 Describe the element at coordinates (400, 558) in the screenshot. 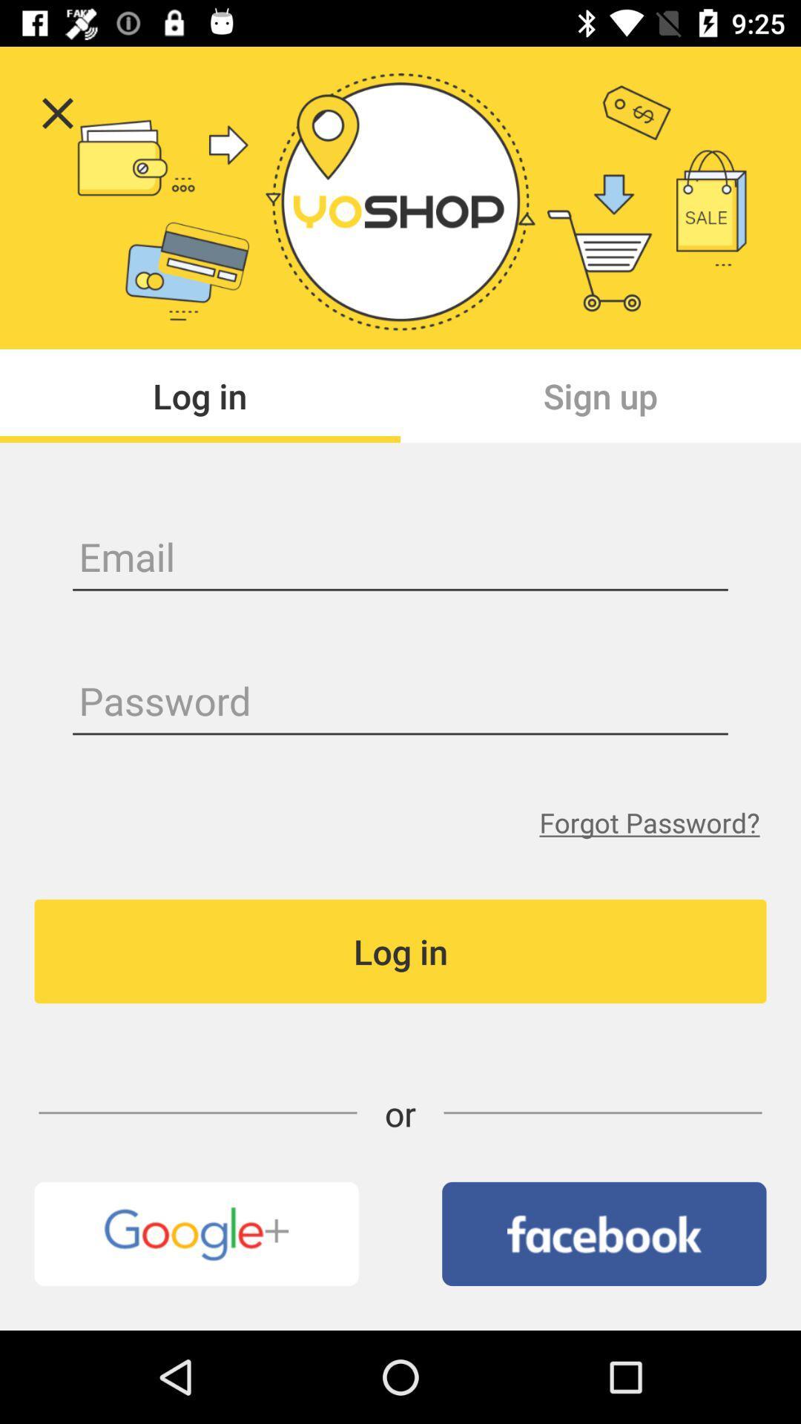

I see `put your email` at that location.